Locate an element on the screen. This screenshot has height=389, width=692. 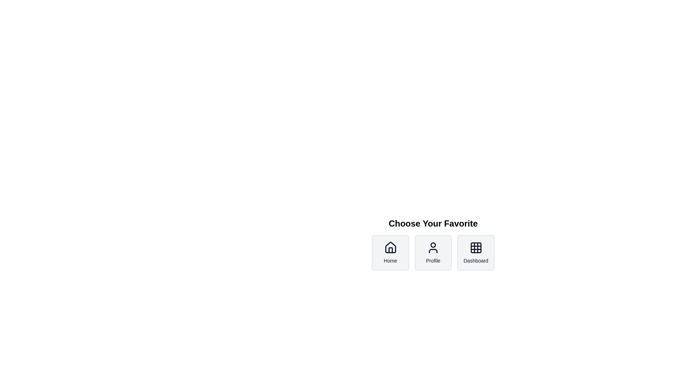
the 'Home' icon located at the bottom center of the interface, which visually represents the 'Home' option in the menu is located at coordinates (390, 247).